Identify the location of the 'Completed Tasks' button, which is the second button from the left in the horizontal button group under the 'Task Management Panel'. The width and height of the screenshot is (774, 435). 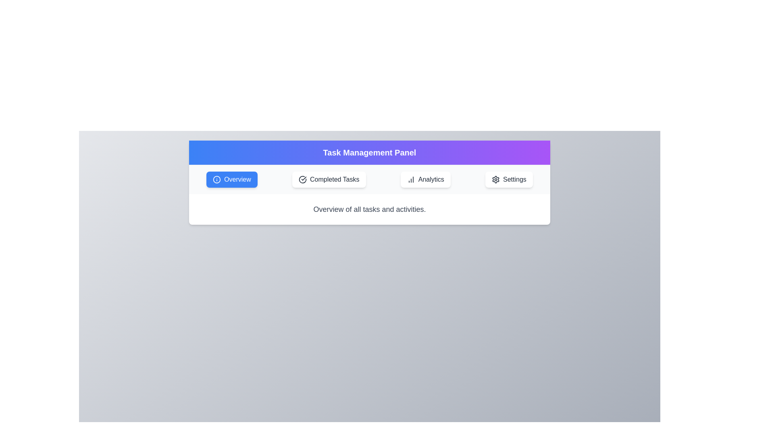
(329, 179).